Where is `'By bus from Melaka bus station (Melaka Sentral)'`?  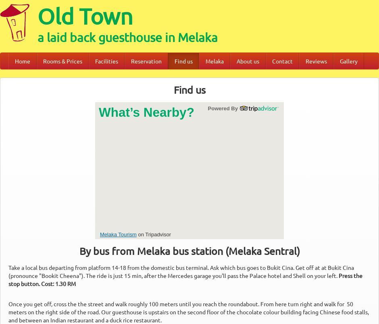 'By bus from Melaka bus station (Melaka Sentral)' is located at coordinates (189, 250).